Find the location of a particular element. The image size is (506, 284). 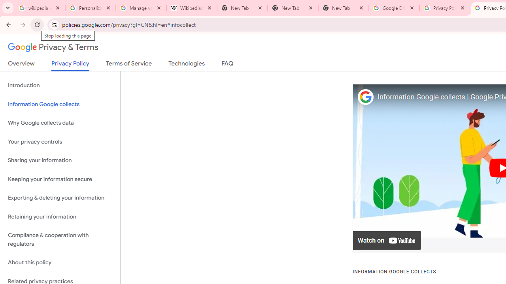

'Information Google collects' is located at coordinates (60, 104).